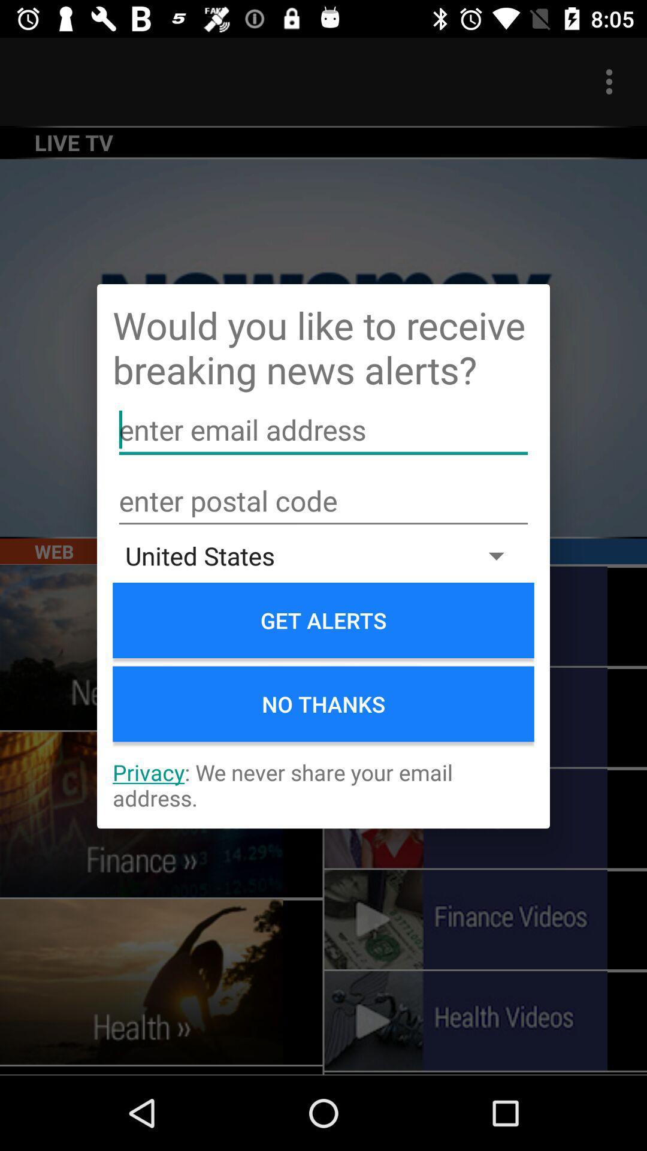 This screenshot has width=647, height=1151. Describe the element at coordinates (323, 501) in the screenshot. I see `postal code form field` at that location.